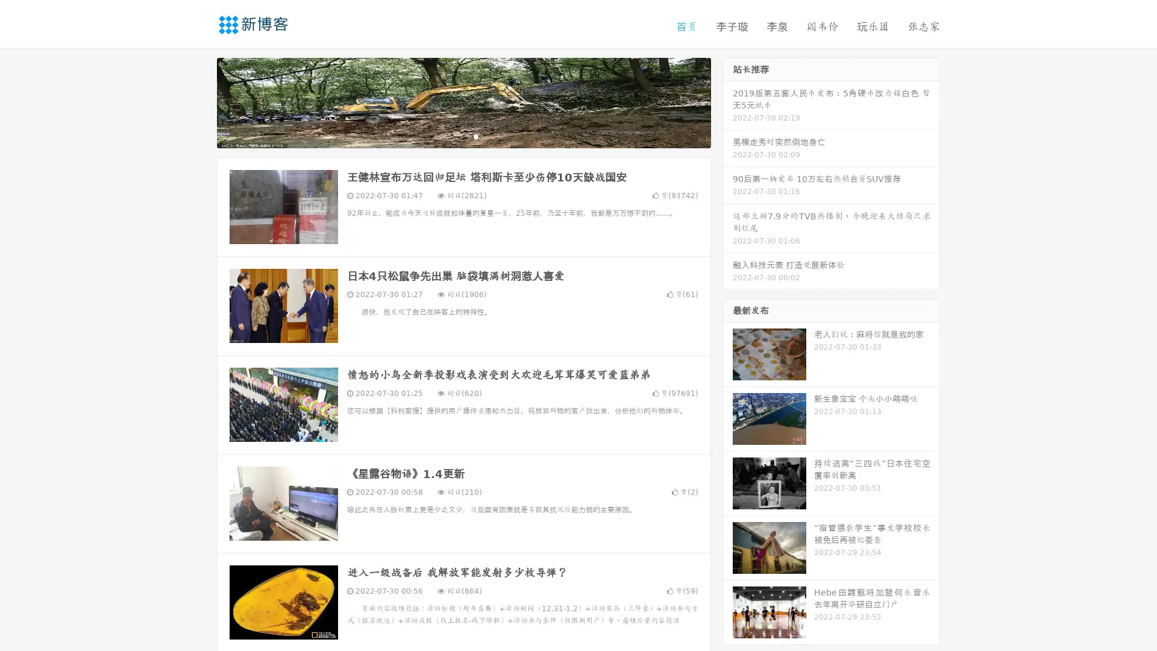 The height and width of the screenshot is (651, 1157). I want to click on Next slide, so click(728, 101).